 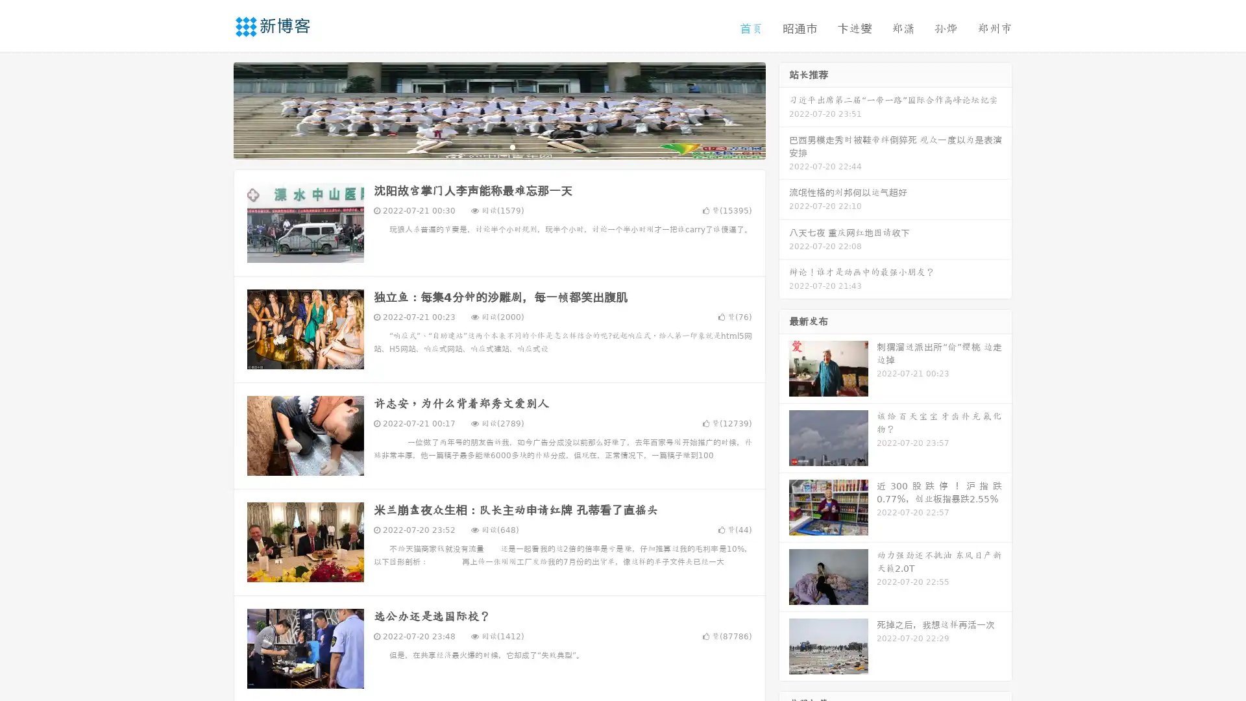 What do you see at coordinates (498, 146) in the screenshot?
I see `Go to slide 2` at bounding box center [498, 146].